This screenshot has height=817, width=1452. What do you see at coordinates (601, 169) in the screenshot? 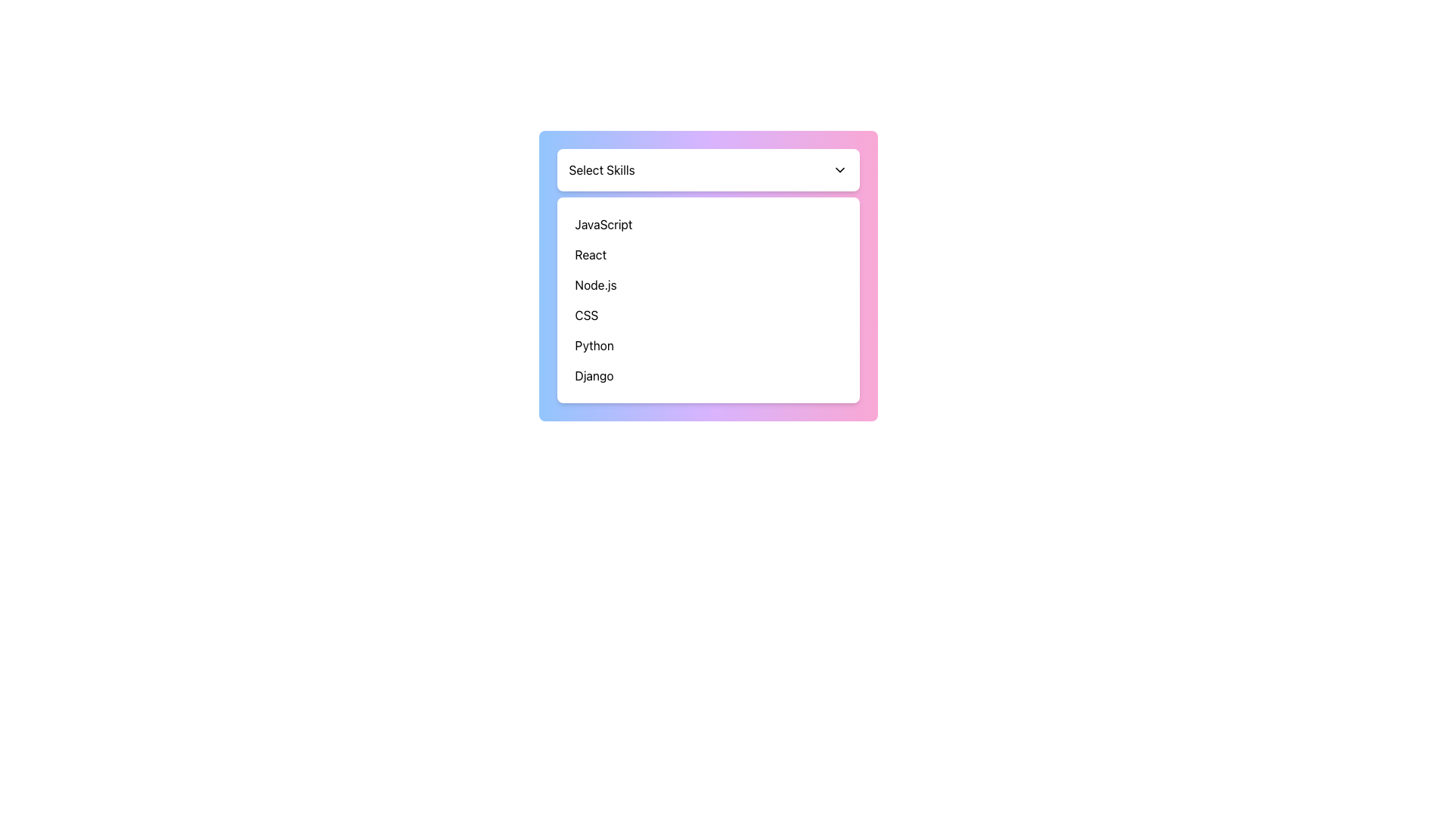
I see `the Text label of the skill selection dropdown menu` at bounding box center [601, 169].